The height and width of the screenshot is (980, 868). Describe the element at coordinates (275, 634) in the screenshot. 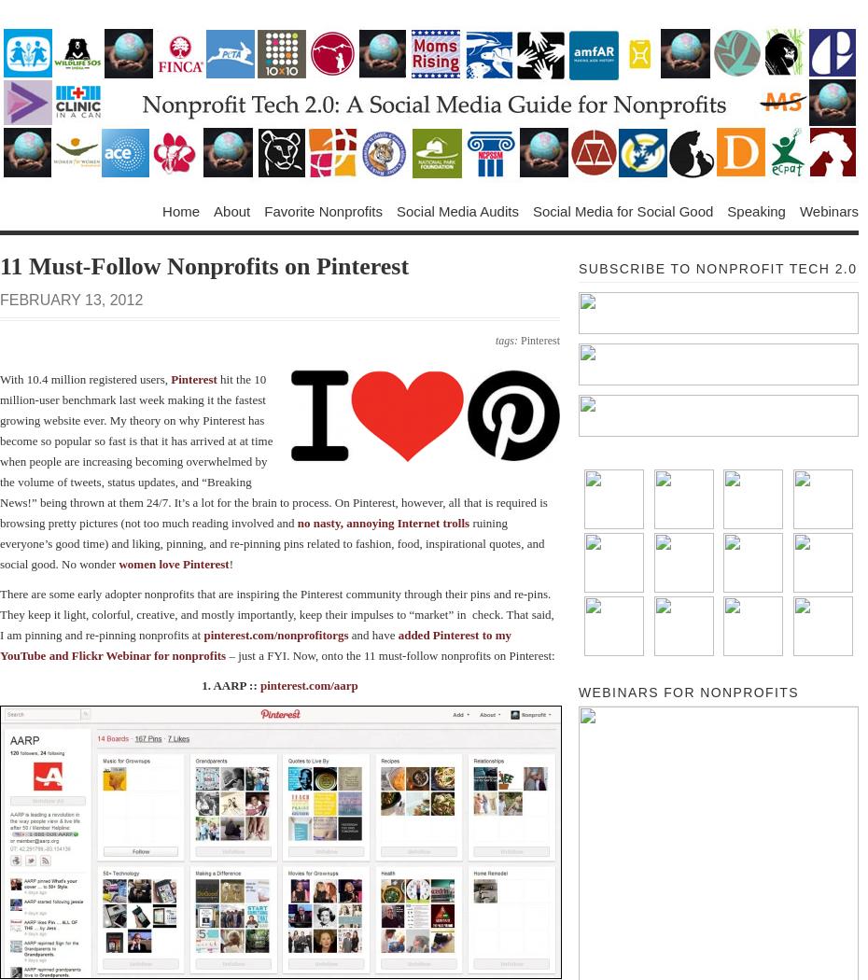

I see `'pinterest.com/nonprofitorgs'` at that location.